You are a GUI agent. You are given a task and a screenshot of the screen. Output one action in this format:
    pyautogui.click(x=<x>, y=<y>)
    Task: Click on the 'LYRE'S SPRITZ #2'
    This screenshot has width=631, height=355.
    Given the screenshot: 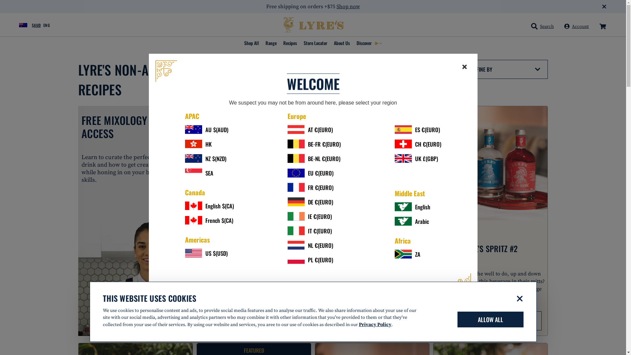 What is the action you would take?
    pyautogui.click(x=490, y=248)
    